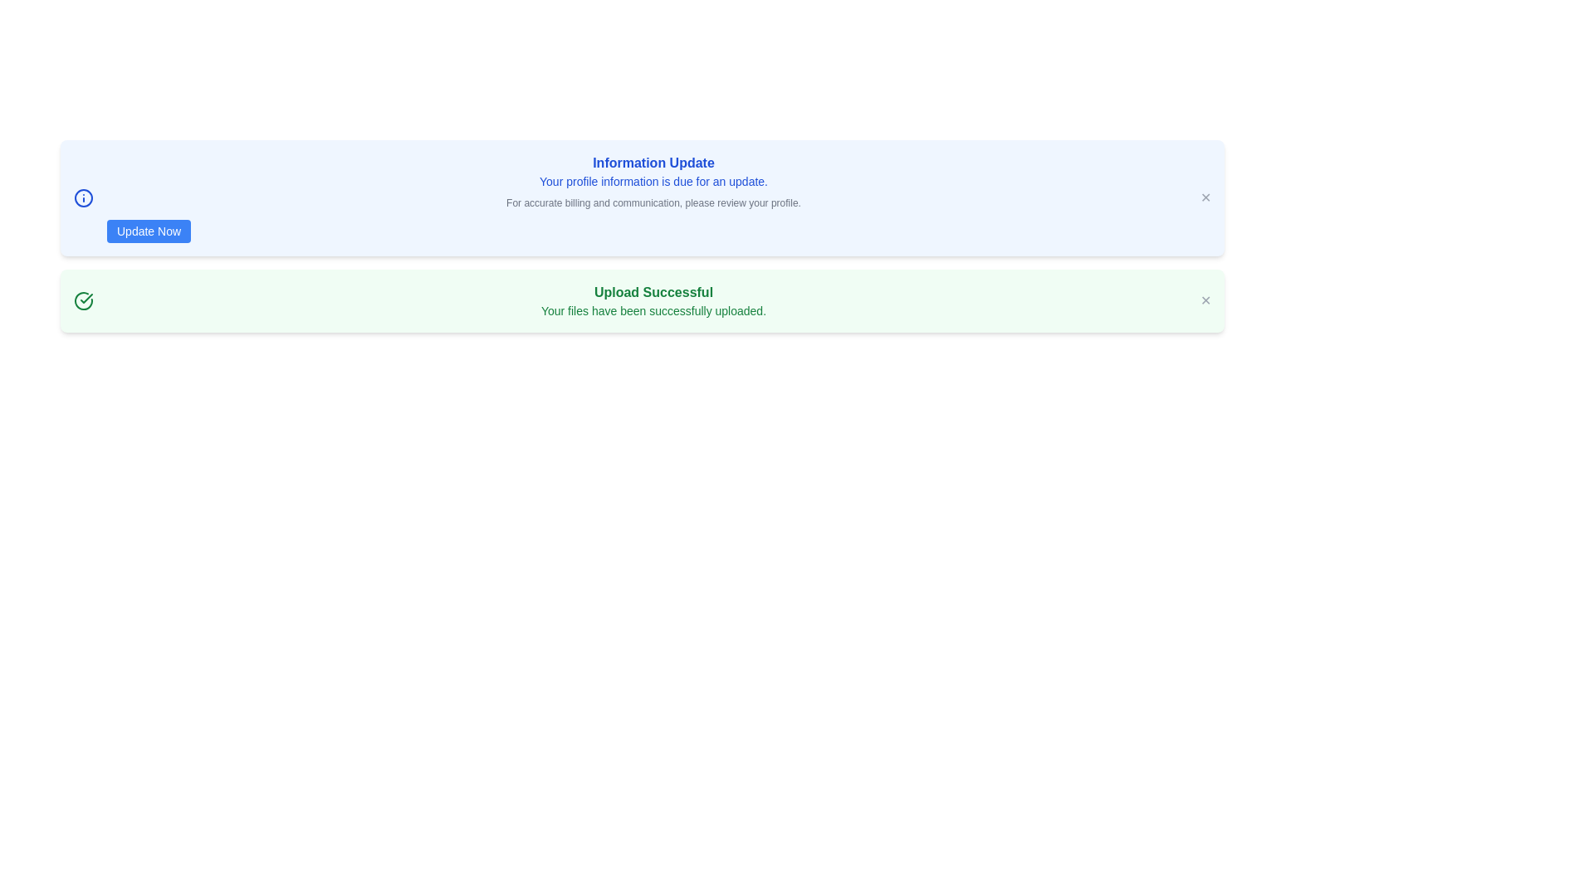 This screenshot has width=1594, height=896. Describe the element at coordinates (653, 202) in the screenshot. I see `static text element that provides additional information regarding billing and communication, located between the profile update prompt and the 'Update Now' button` at that location.